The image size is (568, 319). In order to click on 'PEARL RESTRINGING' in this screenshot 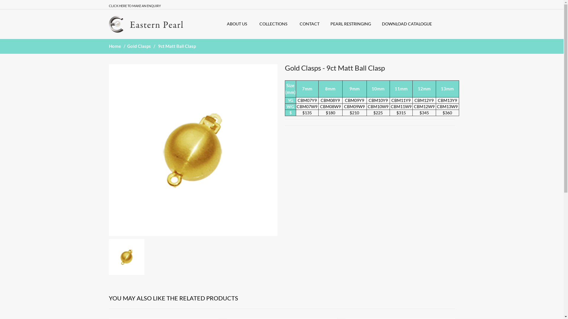, I will do `click(330, 24)`.